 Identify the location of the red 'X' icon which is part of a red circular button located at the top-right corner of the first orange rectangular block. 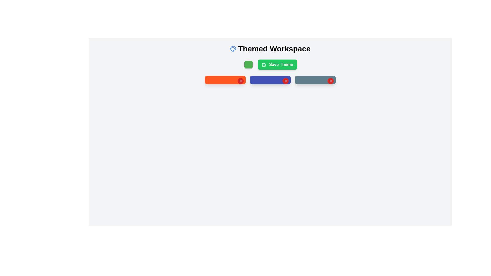
(240, 80).